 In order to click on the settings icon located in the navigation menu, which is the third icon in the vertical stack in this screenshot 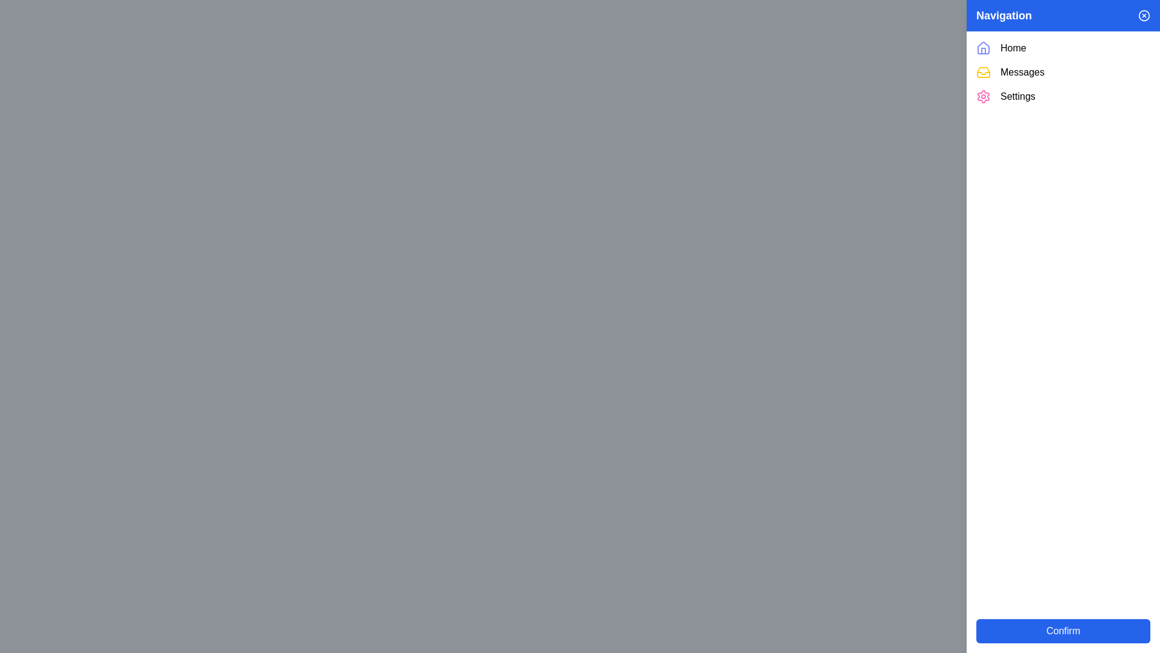, I will do `click(983, 96)`.